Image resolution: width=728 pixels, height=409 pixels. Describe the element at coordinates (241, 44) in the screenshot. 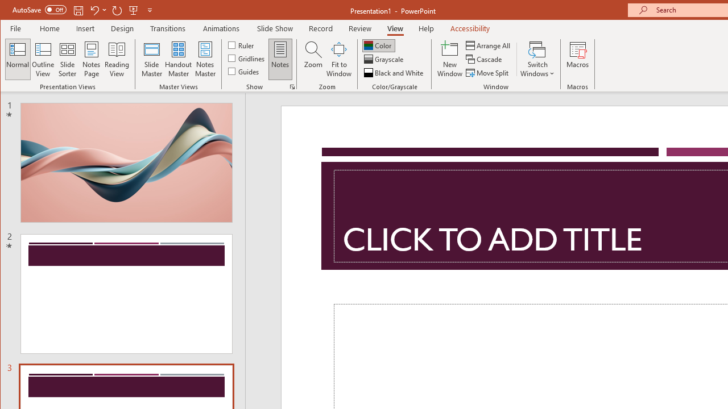

I see `'Ruler'` at that location.